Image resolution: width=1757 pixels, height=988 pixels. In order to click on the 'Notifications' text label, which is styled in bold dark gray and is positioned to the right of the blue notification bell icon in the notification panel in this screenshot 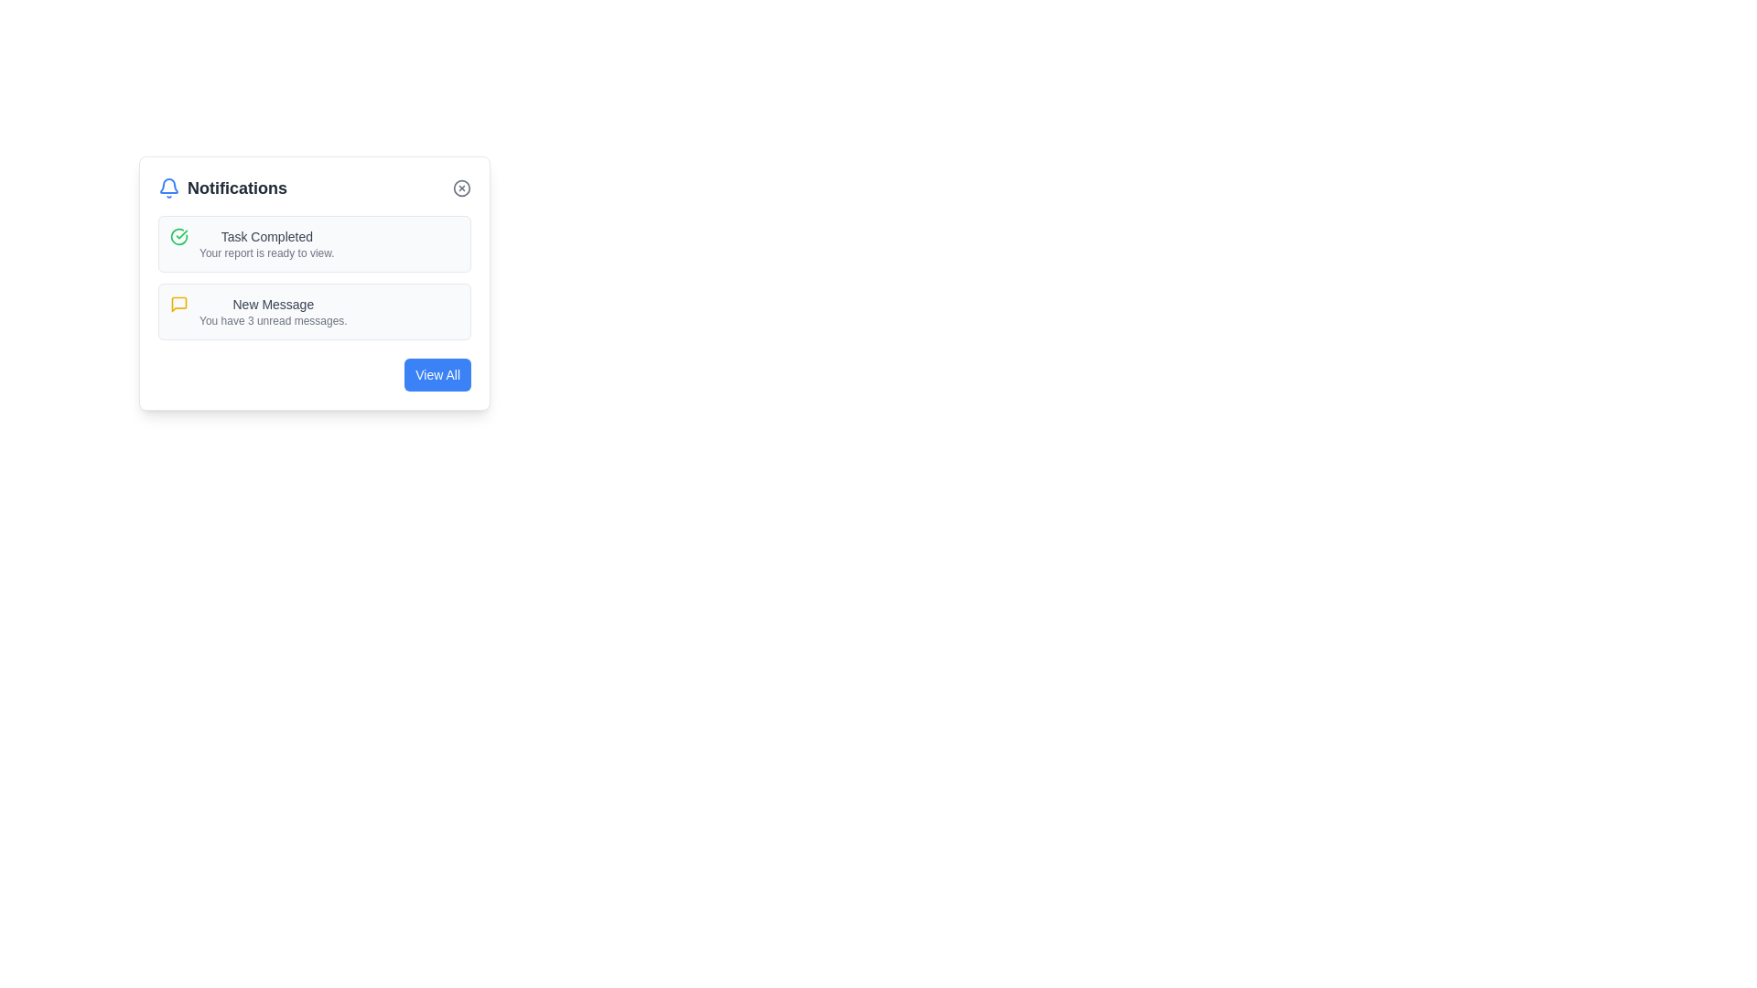, I will do `click(236, 188)`.